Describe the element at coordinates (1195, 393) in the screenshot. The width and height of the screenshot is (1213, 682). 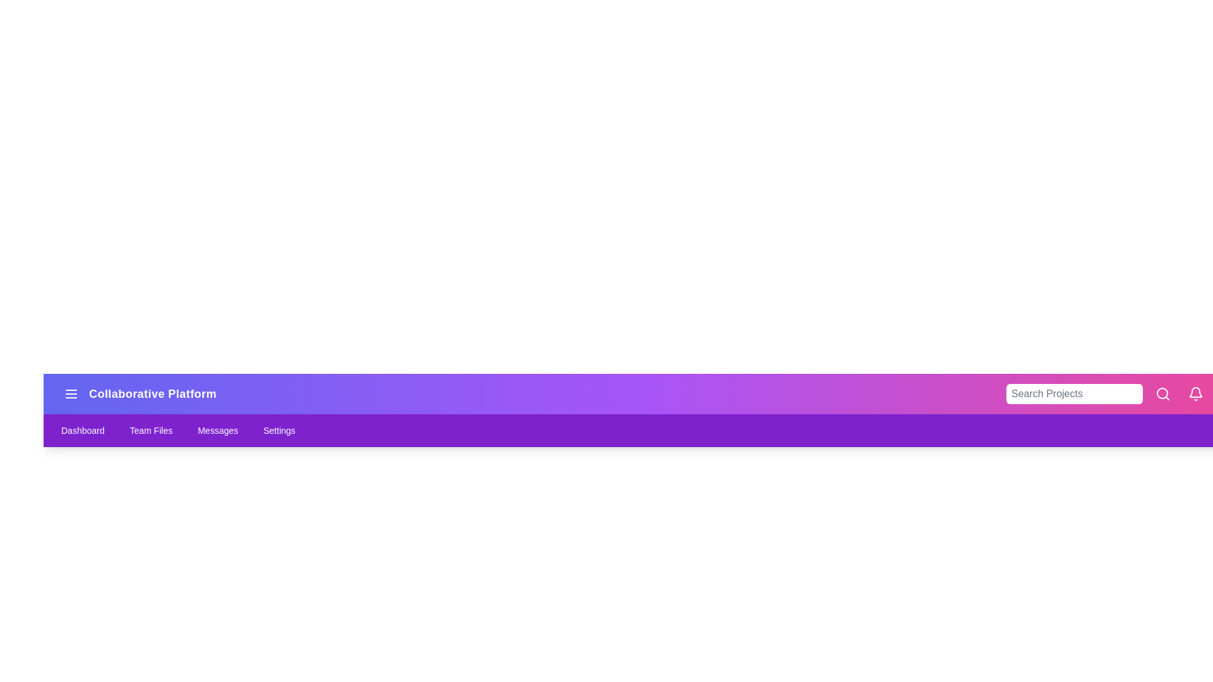
I see `the bell icon located at the right end of the top navigation bar` at that location.